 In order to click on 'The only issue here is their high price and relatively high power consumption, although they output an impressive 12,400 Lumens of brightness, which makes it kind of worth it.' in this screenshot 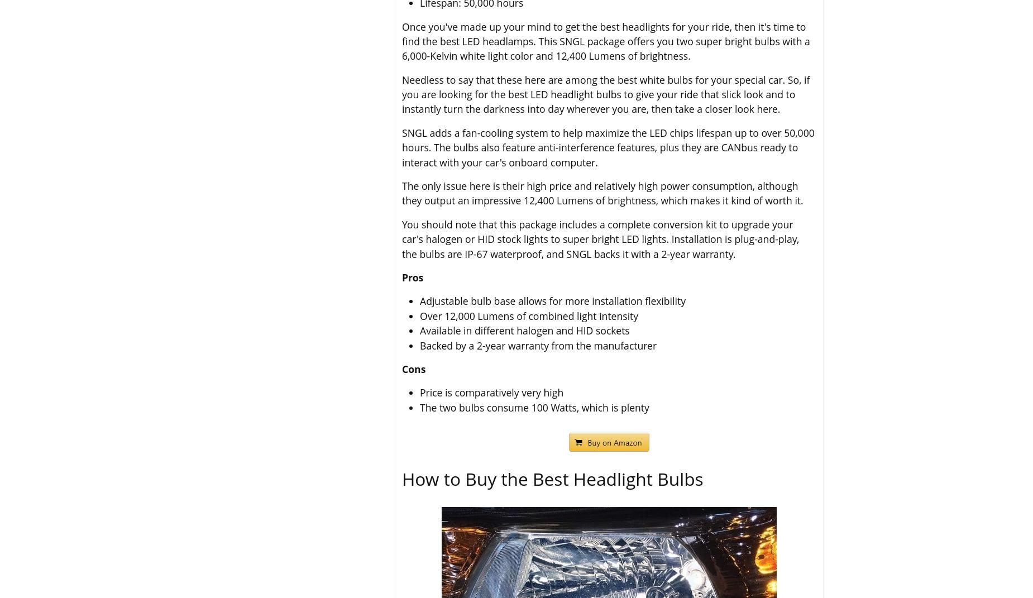, I will do `click(601, 193)`.